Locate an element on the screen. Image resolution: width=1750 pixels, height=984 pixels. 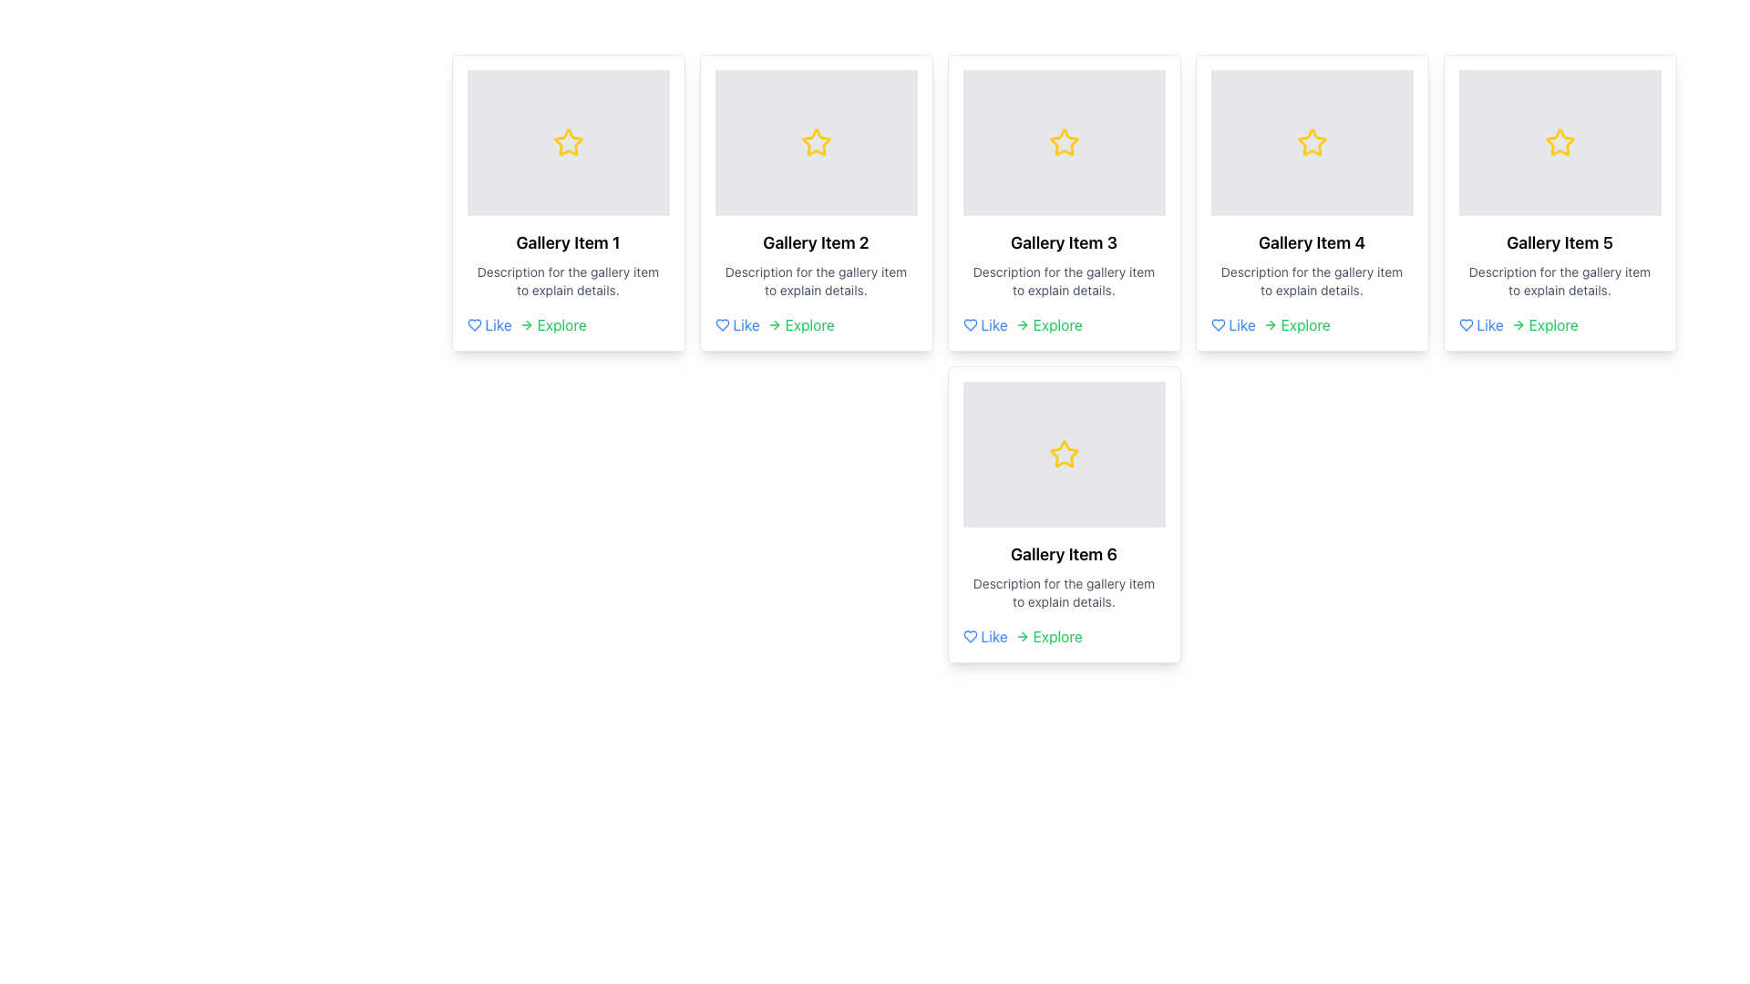
the small light gray text block located directly under the heading 'Gallery Item 2' in the second column of the grid layout is located at coordinates (815, 281).